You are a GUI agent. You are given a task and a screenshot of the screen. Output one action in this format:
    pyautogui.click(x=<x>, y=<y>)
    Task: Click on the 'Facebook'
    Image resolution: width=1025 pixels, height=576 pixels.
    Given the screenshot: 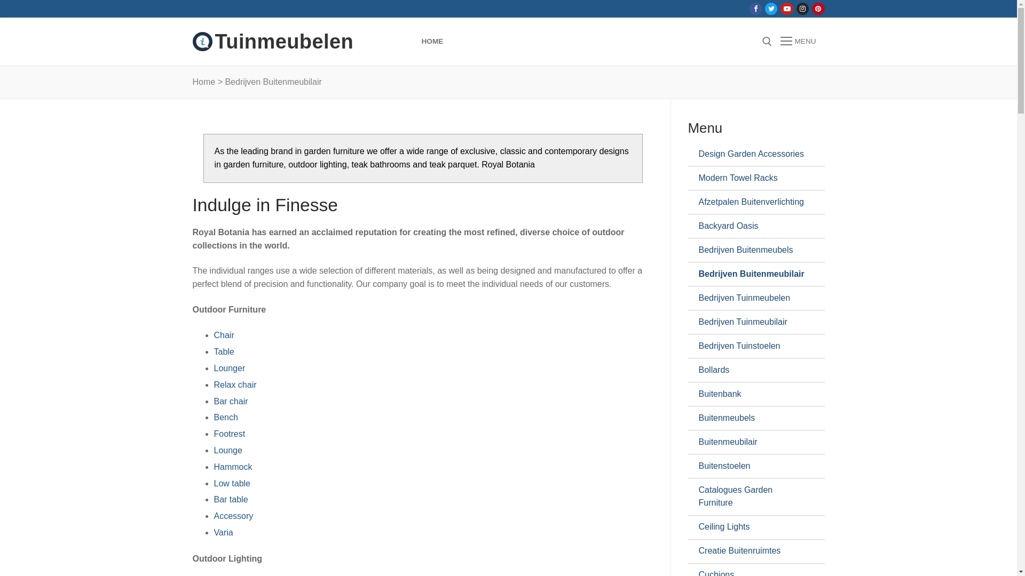 What is the action you would take?
    pyautogui.click(x=755, y=9)
    